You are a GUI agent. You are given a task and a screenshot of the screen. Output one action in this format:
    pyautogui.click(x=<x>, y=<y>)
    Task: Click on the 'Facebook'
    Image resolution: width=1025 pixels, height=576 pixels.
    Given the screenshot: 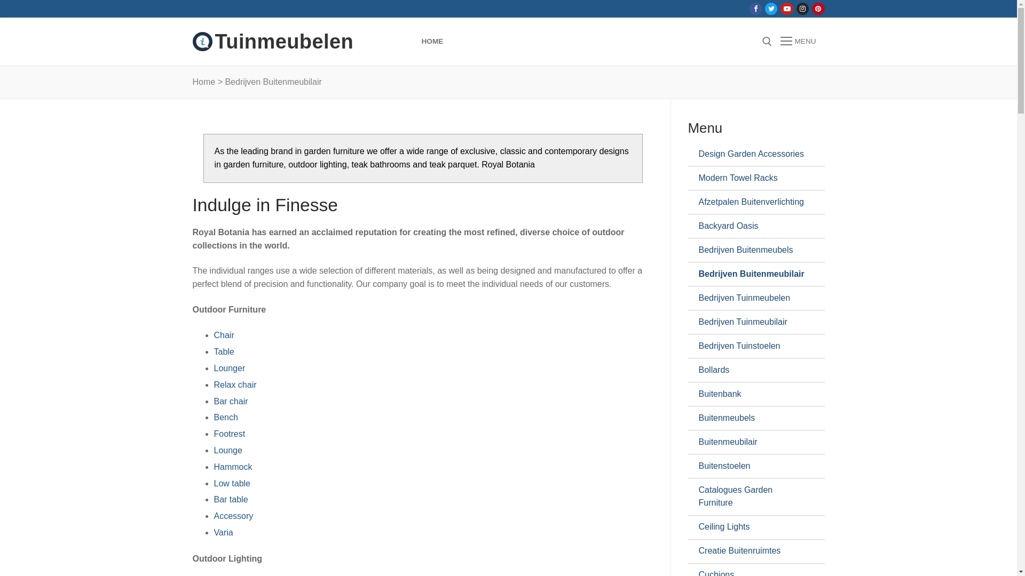 What is the action you would take?
    pyautogui.click(x=755, y=9)
    